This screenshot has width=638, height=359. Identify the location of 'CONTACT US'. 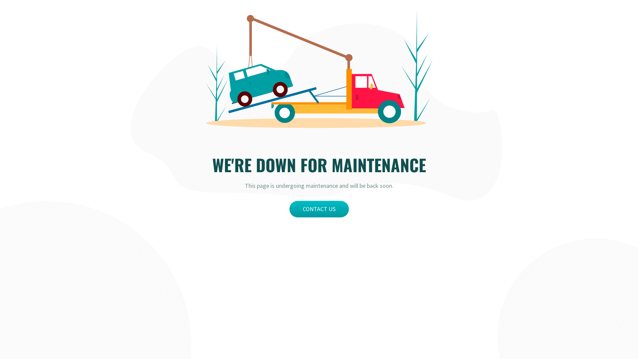
(318, 208).